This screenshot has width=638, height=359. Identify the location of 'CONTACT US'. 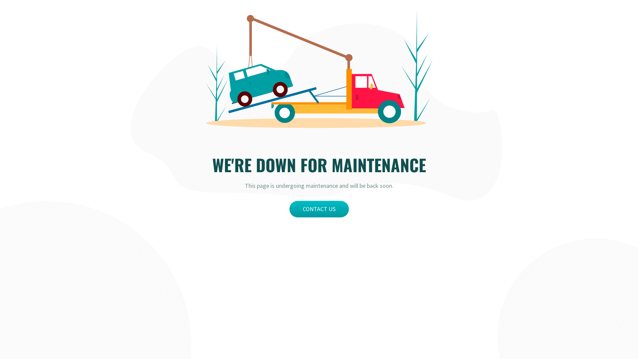
(318, 208).